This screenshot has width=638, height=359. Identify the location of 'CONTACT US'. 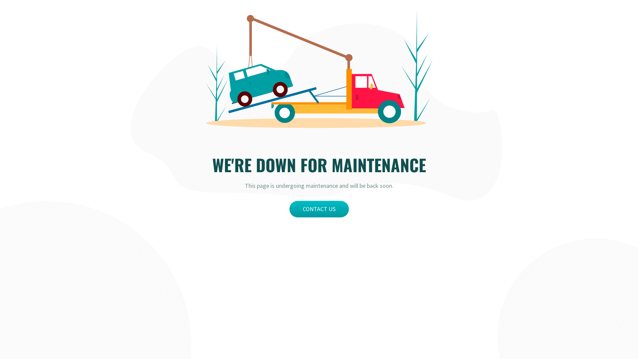
(318, 208).